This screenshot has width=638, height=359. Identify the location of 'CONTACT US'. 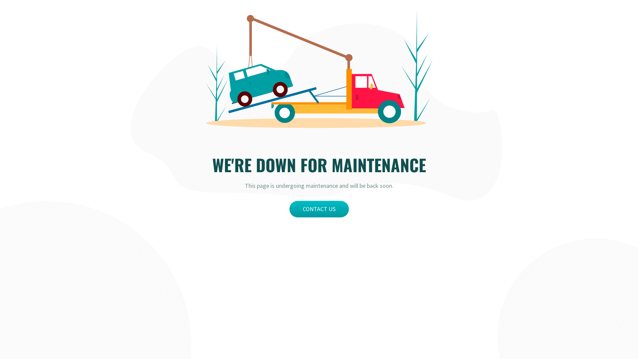
(318, 208).